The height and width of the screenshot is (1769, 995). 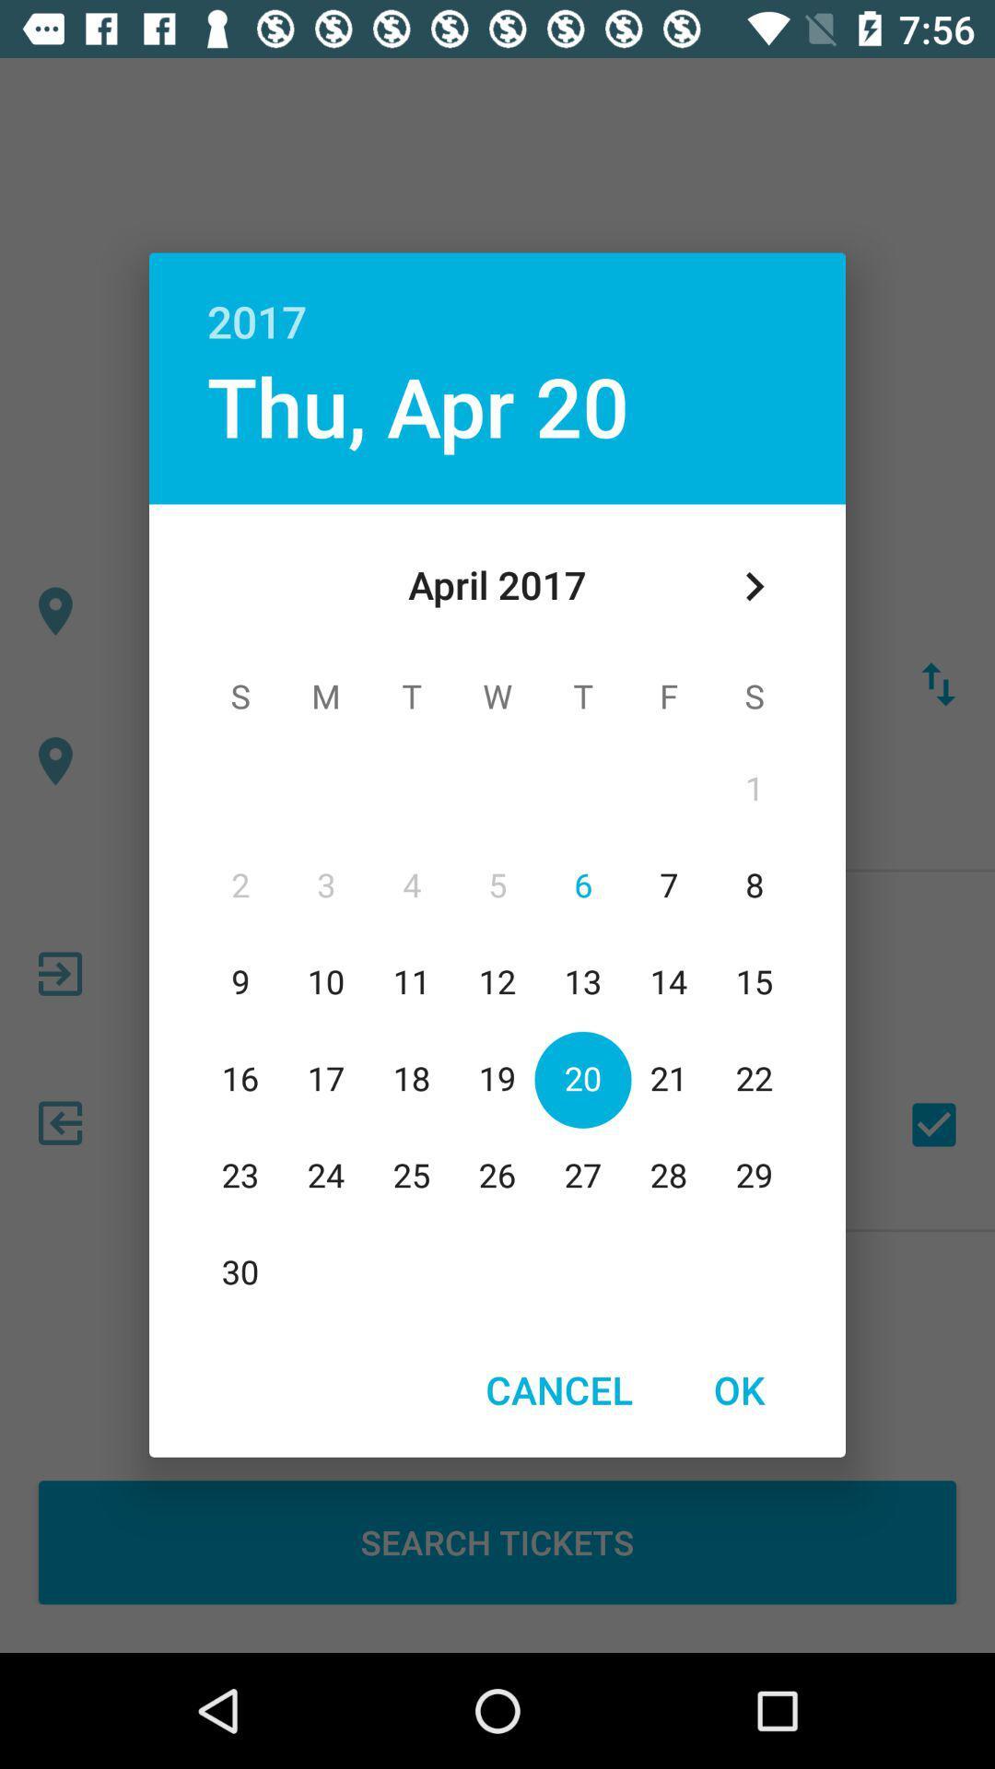 What do you see at coordinates (558, 1389) in the screenshot?
I see `item to the left of the ok` at bounding box center [558, 1389].